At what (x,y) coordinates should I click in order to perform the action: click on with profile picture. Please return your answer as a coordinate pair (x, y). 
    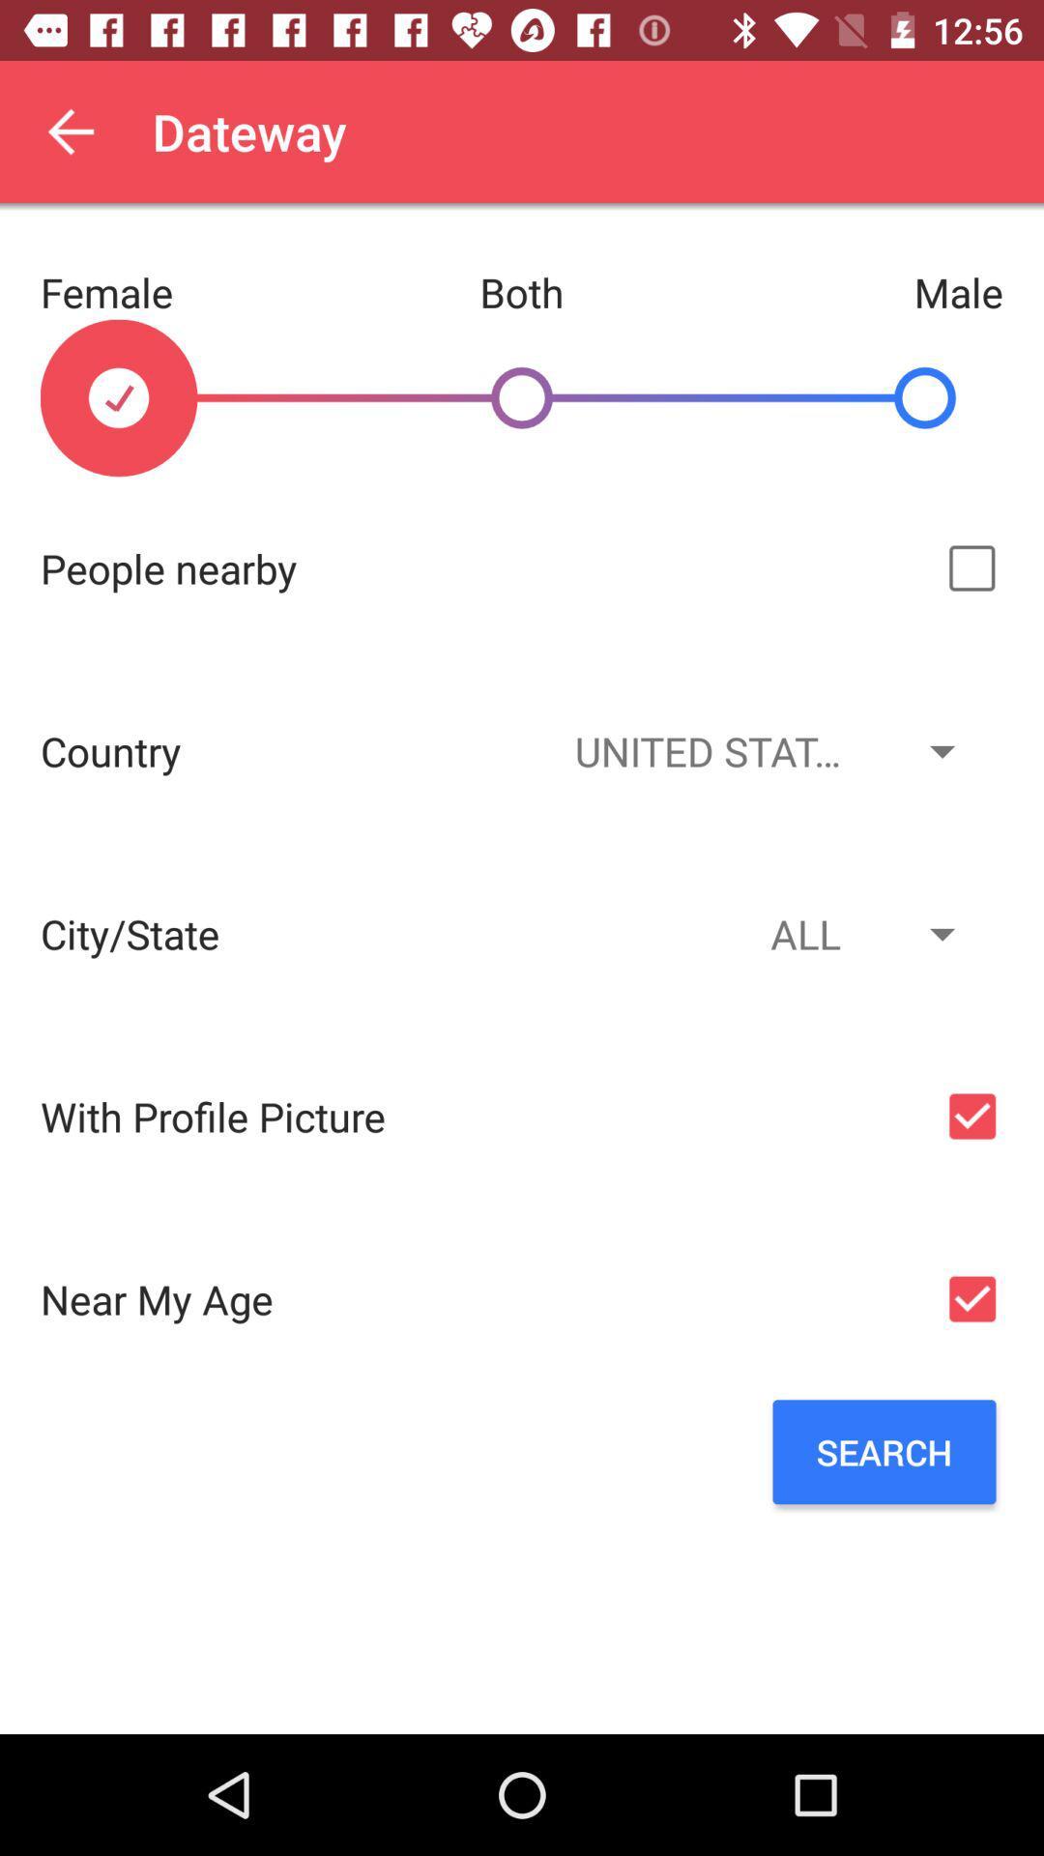
    Looking at the image, I should click on (971, 1116).